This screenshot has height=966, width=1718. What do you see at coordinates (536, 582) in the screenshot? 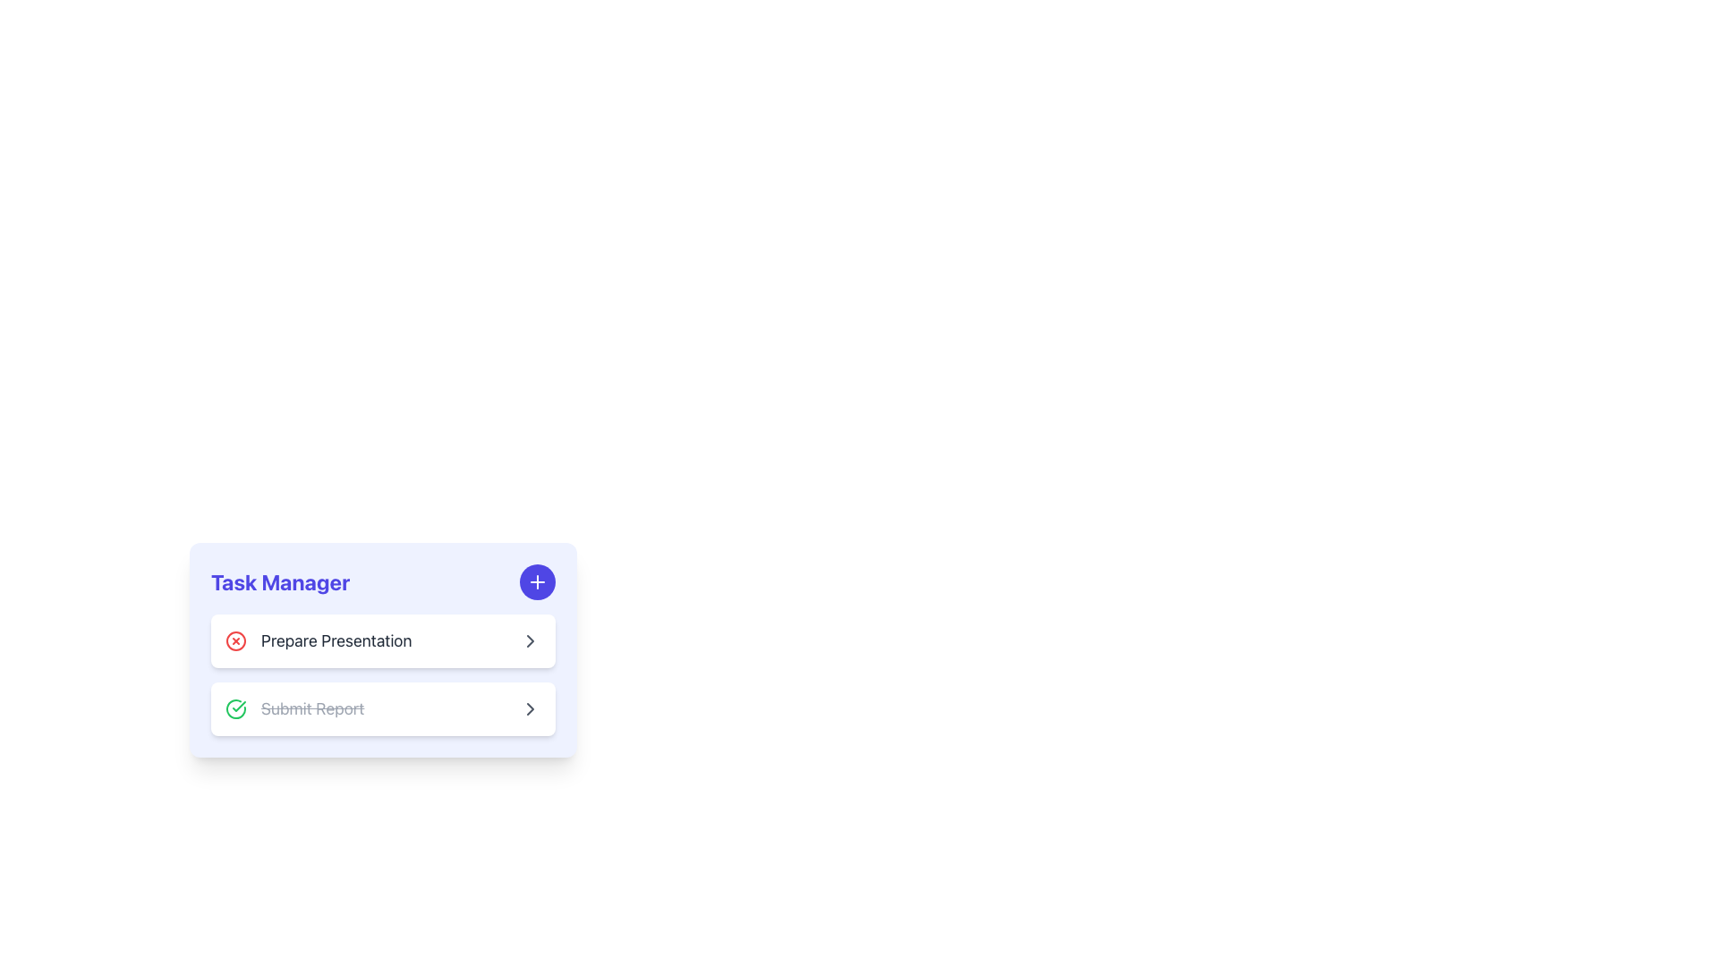
I see `the plus icon located in the top-right corner of the 'Task Manager' section` at bounding box center [536, 582].